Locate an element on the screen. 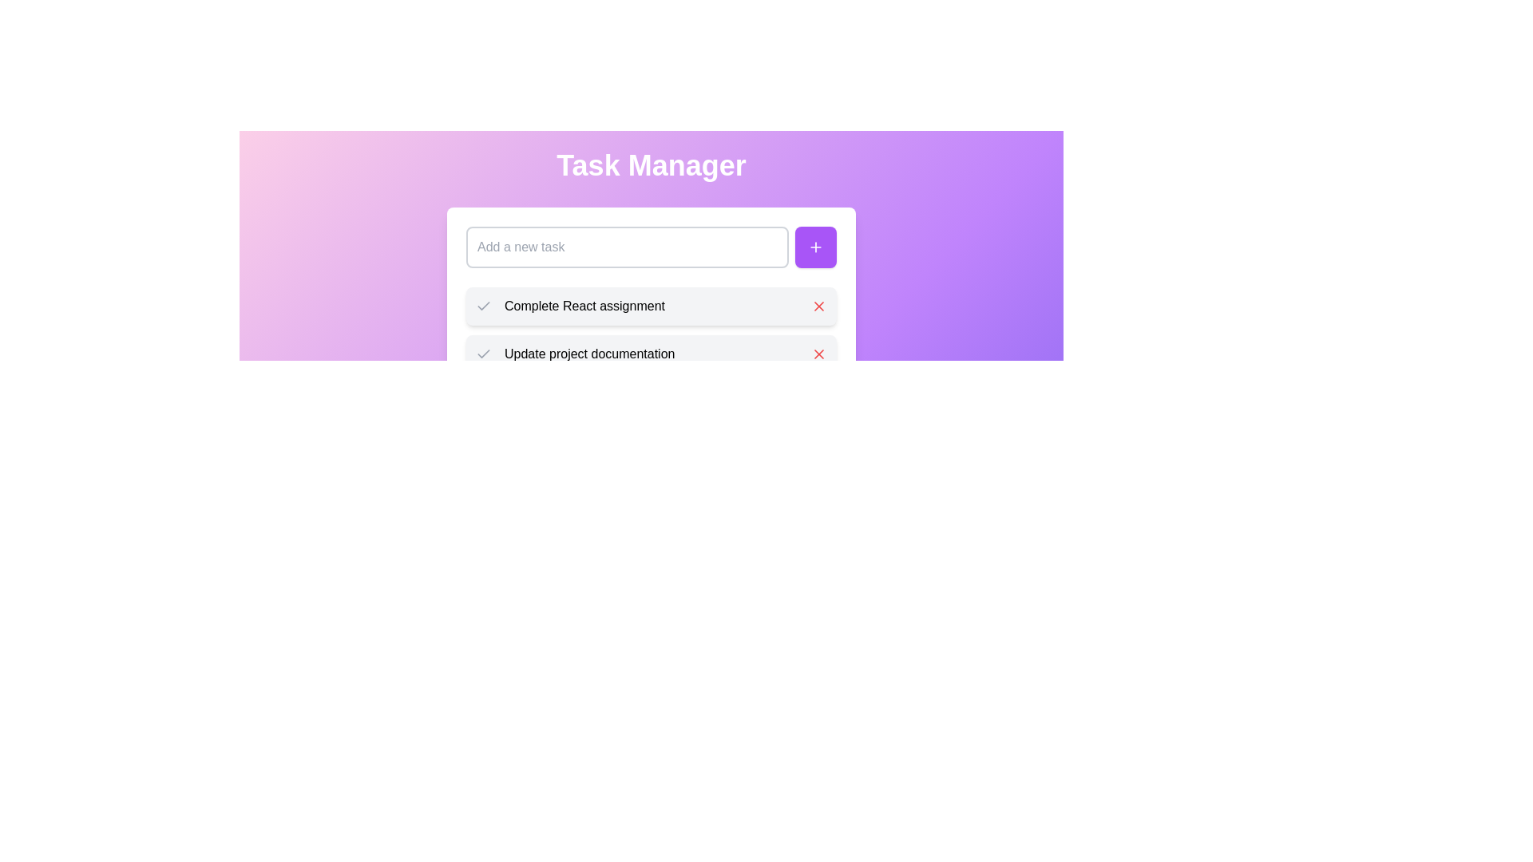 Image resolution: width=1533 pixels, height=862 pixels. the text label titled 'Complete React assignment' in the task manager, which is located between a checkmark icon on the left and a delete icon on the right is located at coordinates (658, 306).